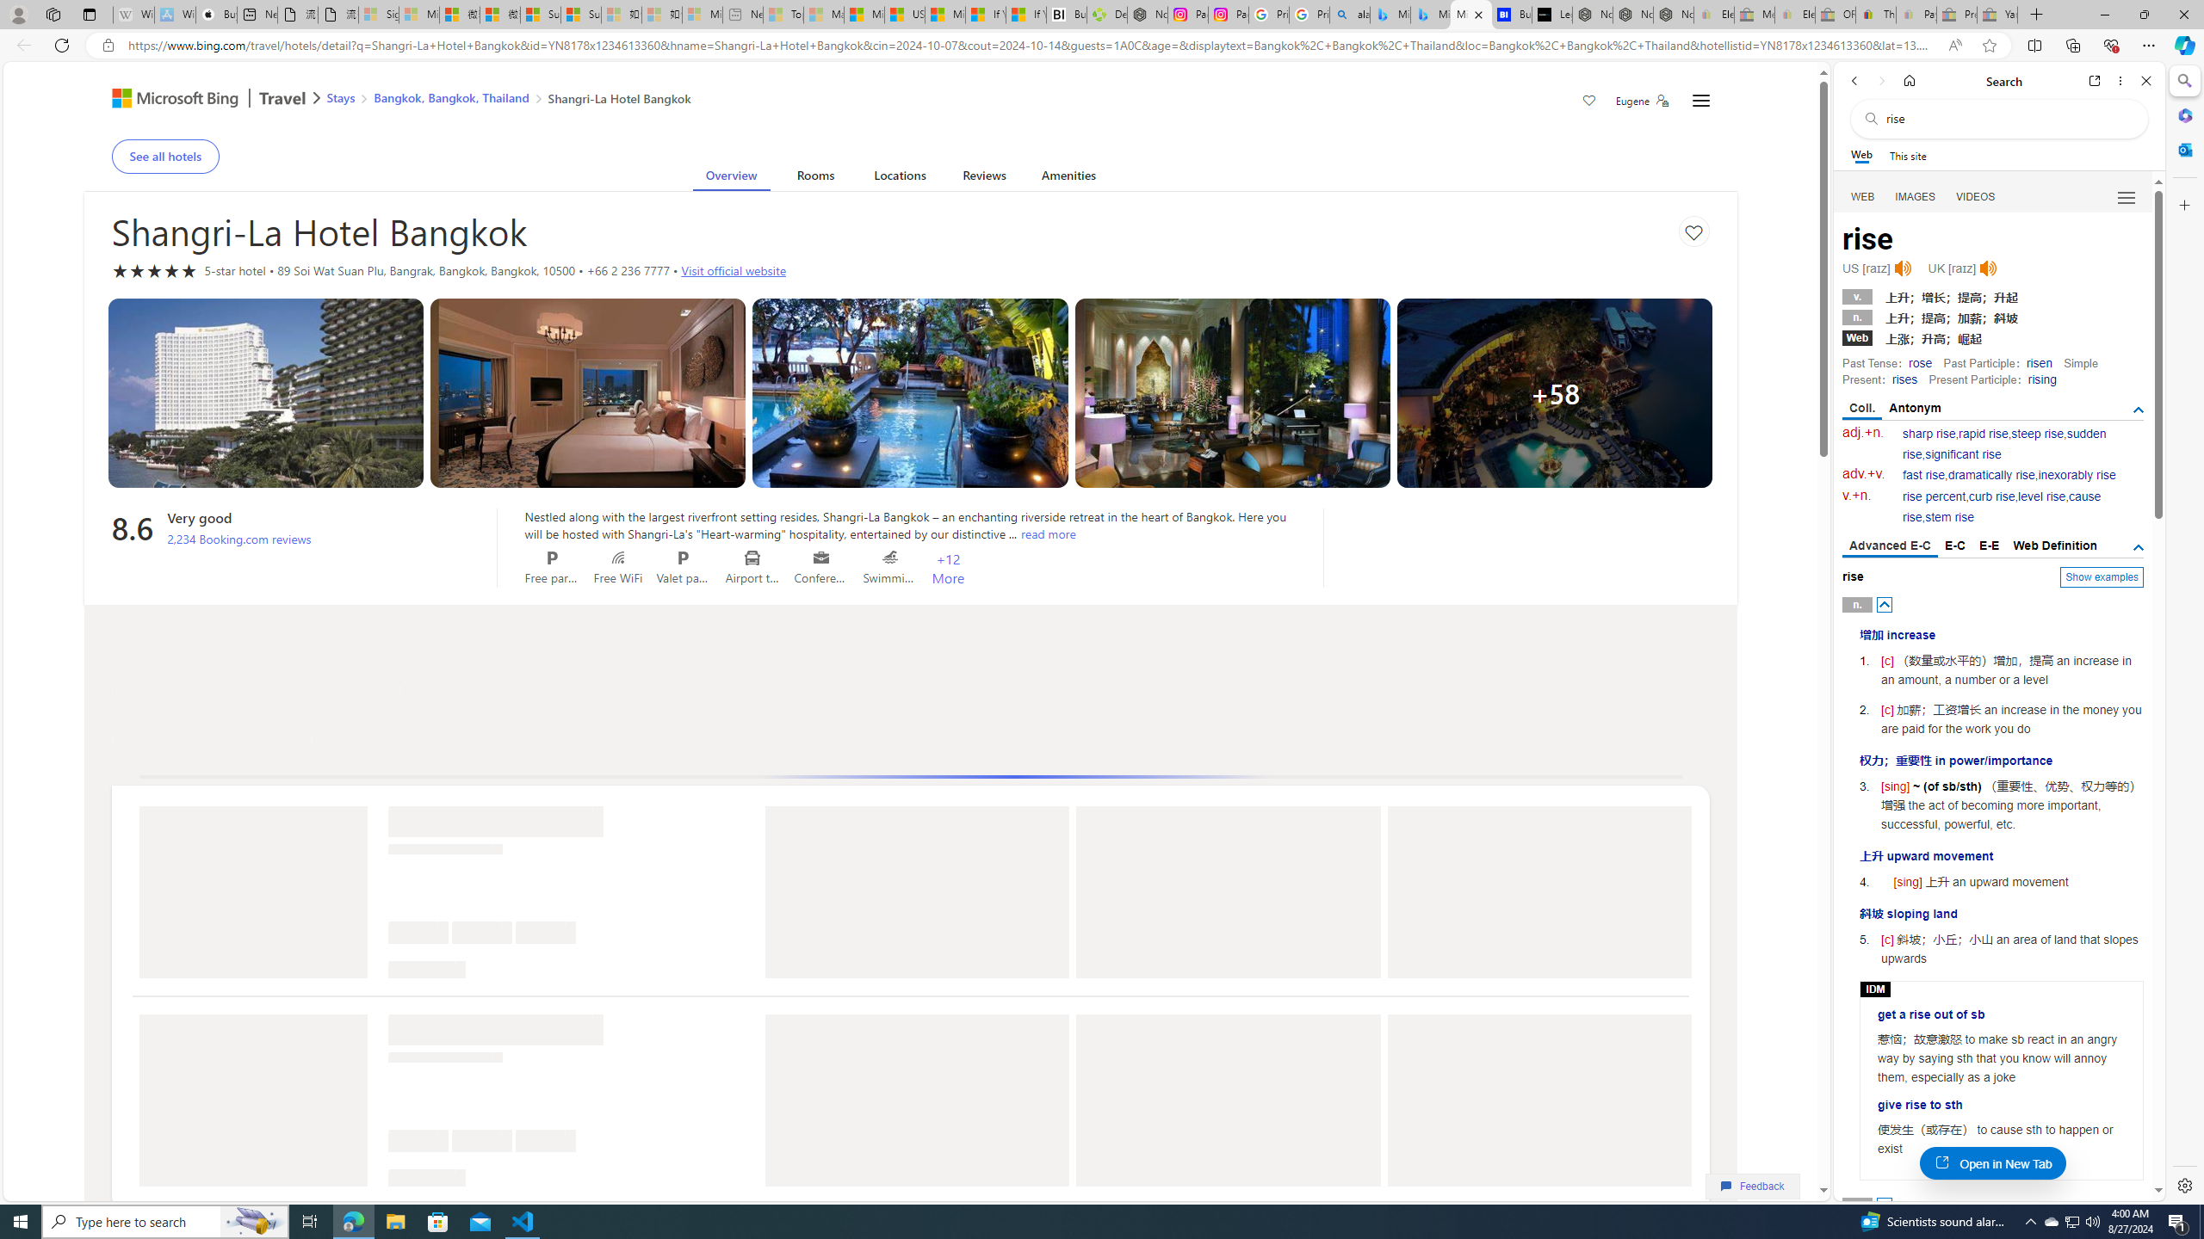 The image size is (2204, 1239). I want to click on 'Coll.', so click(1861, 408).